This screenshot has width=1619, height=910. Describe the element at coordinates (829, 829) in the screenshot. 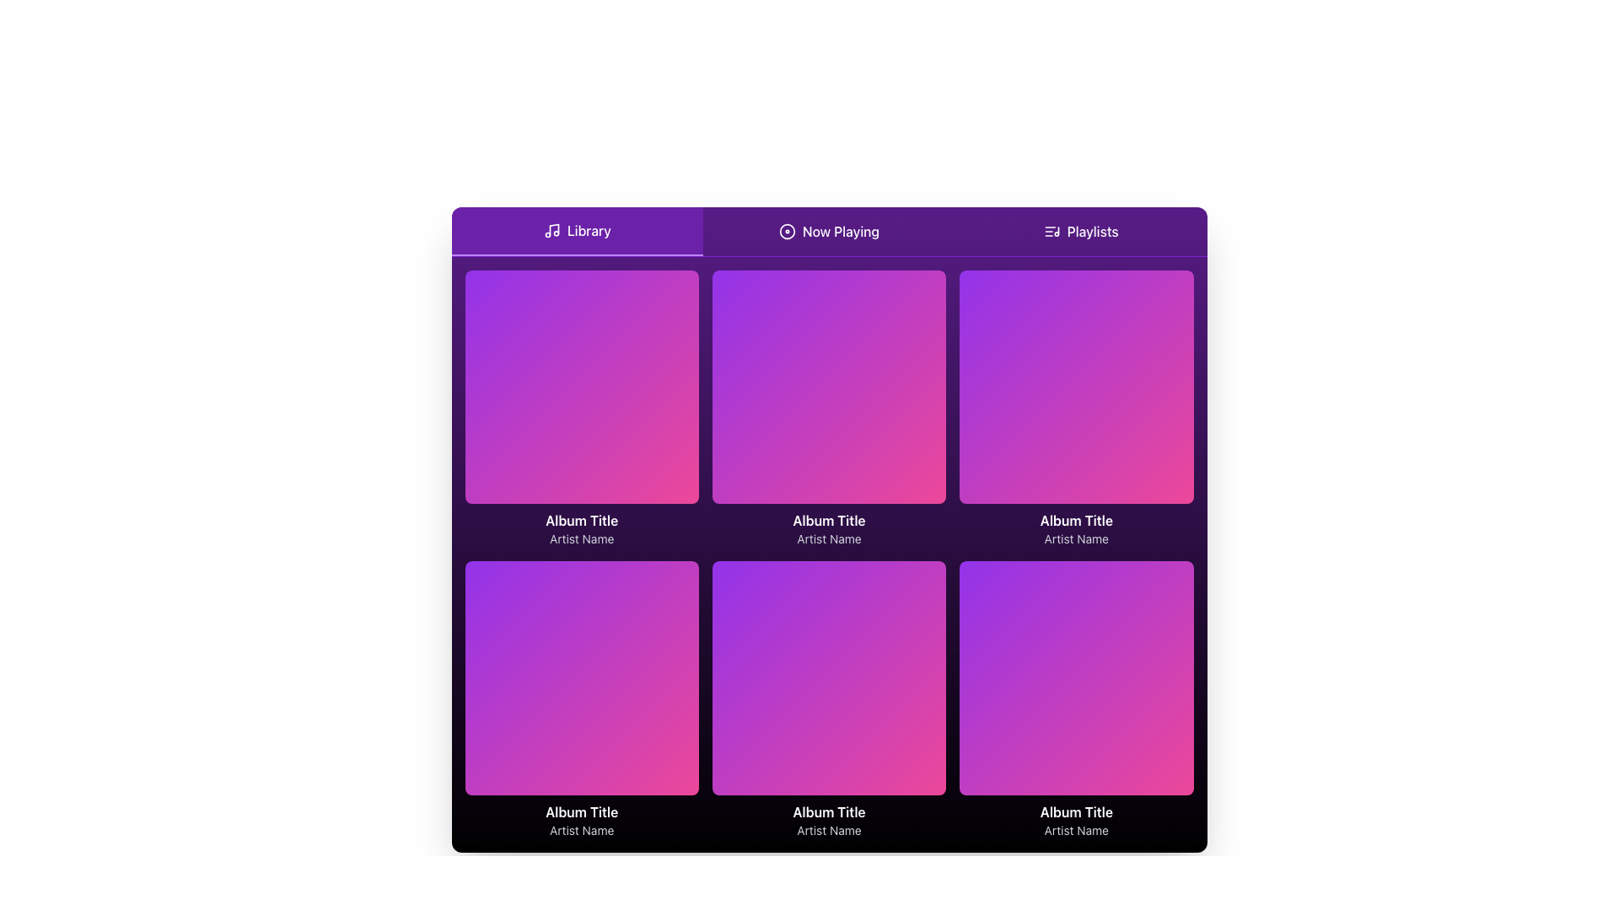

I see `text label that displays the name of the artist associated with the album, positioned below the 'Album Title' text in the bottom-center grid cell` at that location.